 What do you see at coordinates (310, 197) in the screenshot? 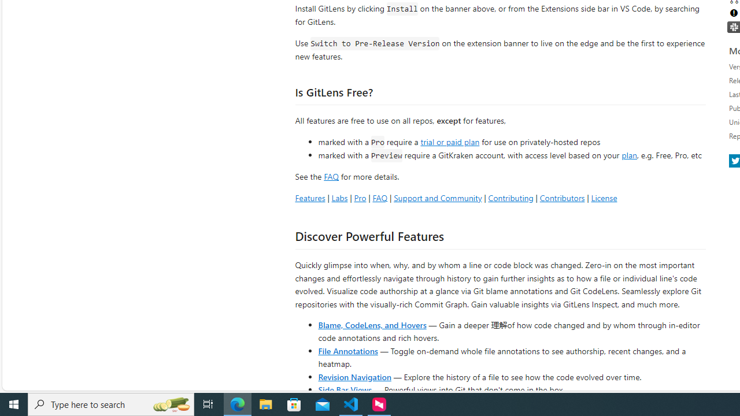
I see `'Features'` at bounding box center [310, 197].